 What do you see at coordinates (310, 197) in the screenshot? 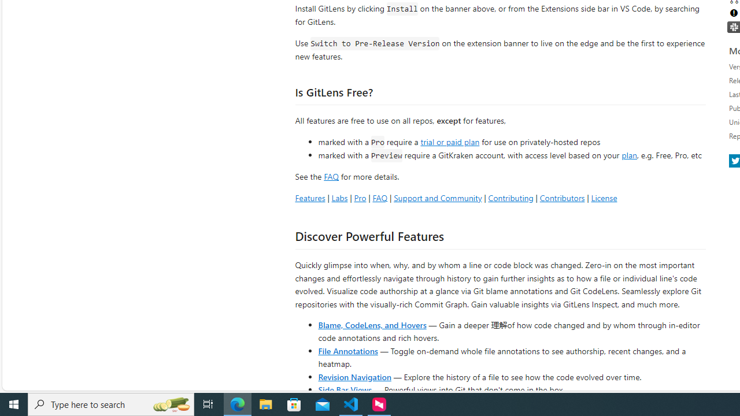
I see `'Features'` at bounding box center [310, 197].